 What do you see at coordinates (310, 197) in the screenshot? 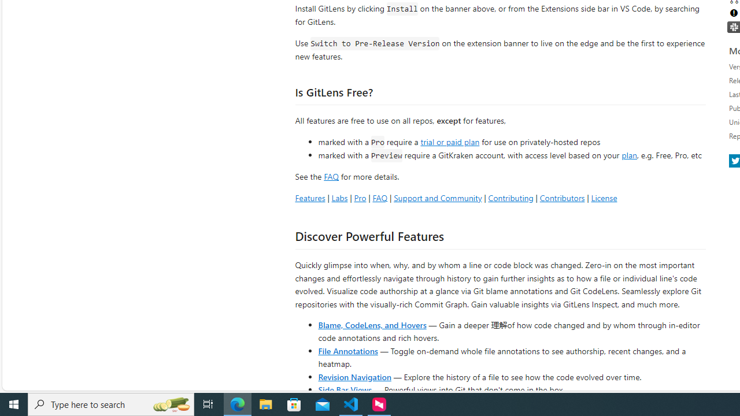
I see `'Features'` at bounding box center [310, 197].